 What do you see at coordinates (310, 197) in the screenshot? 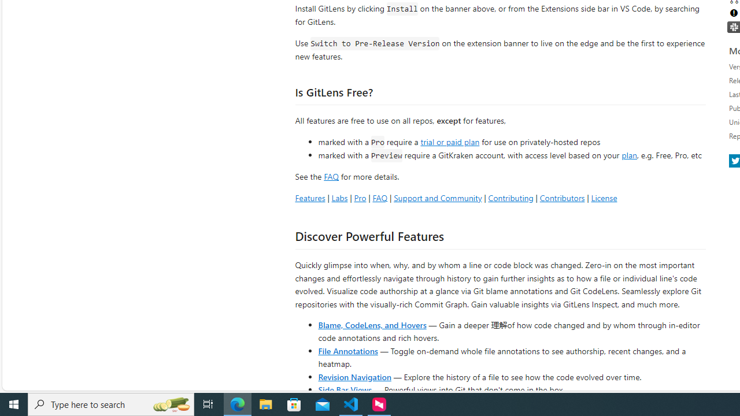
I see `'Features'` at bounding box center [310, 197].